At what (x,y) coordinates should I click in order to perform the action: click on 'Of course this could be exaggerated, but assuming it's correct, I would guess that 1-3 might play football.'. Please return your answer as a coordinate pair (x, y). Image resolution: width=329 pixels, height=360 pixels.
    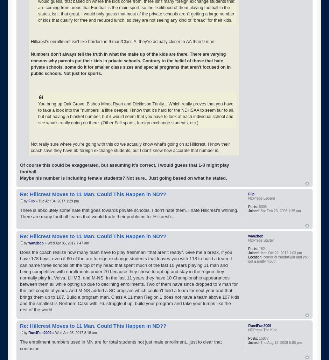
    Looking at the image, I should click on (124, 168).